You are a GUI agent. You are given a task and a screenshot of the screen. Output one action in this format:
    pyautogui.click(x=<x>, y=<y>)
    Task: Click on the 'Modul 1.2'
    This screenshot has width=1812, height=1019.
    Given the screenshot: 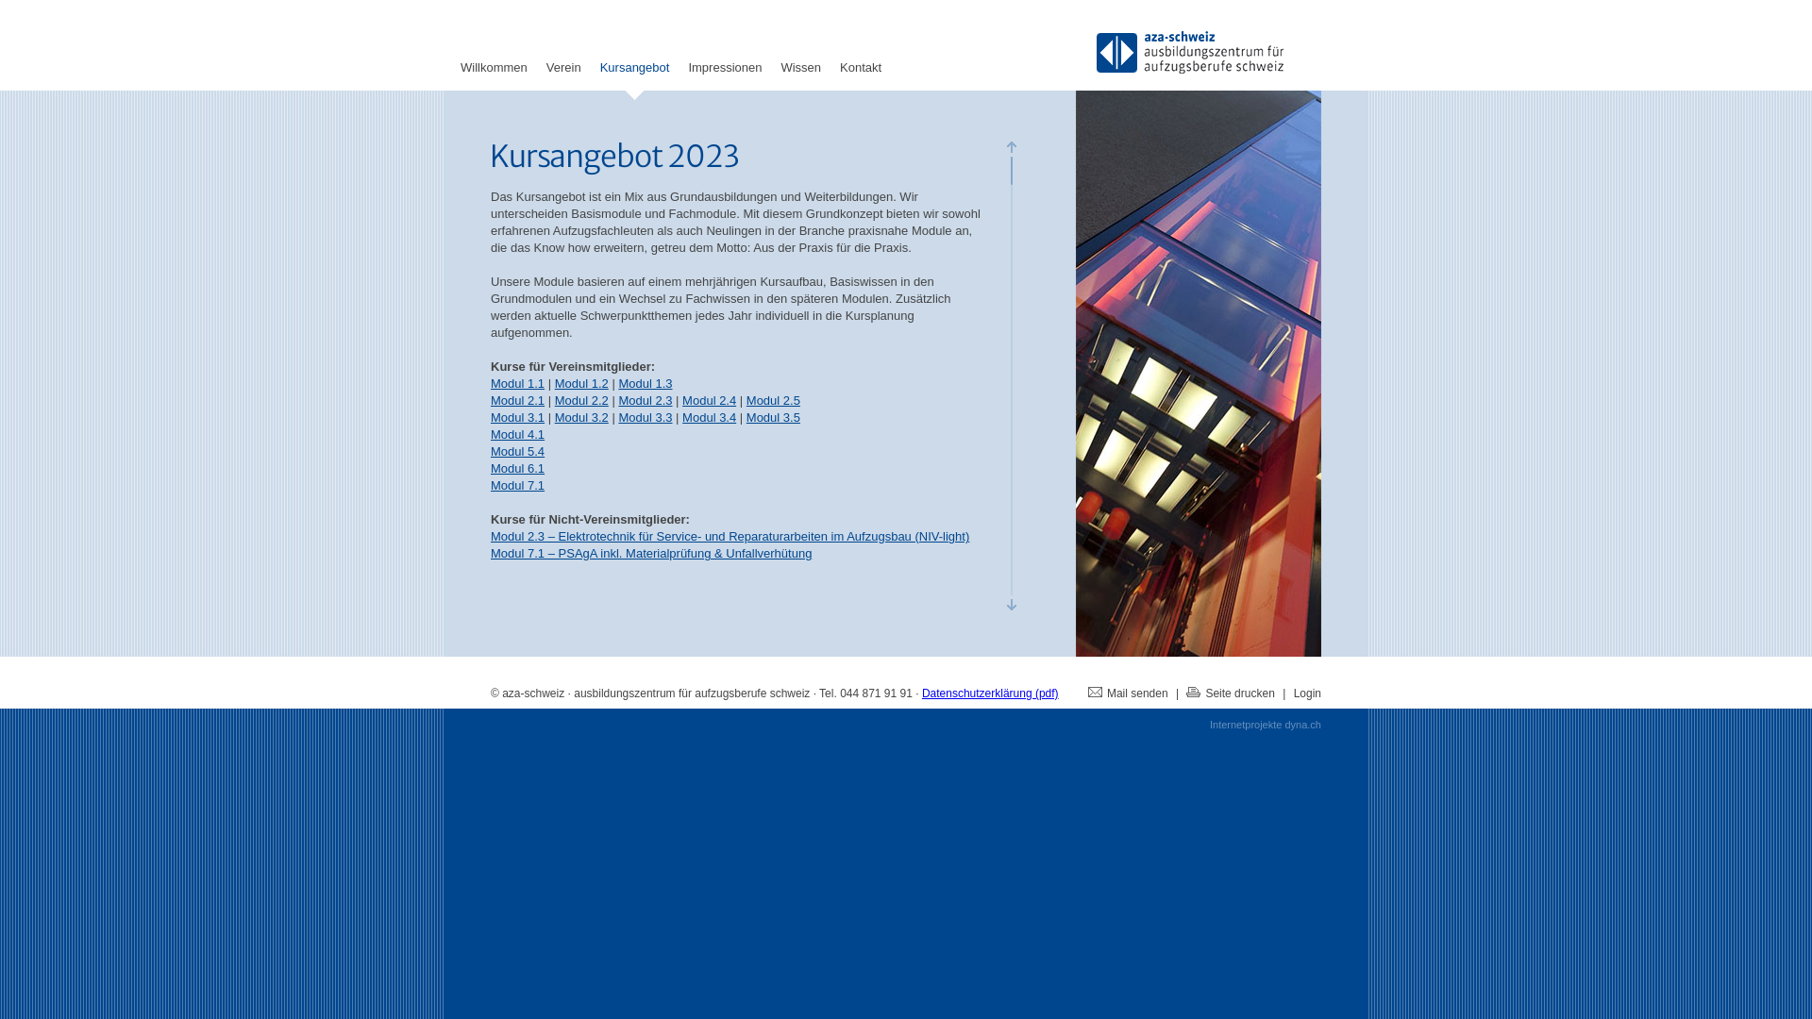 What is the action you would take?
    pyautogui.click(x=580, y=382)
    